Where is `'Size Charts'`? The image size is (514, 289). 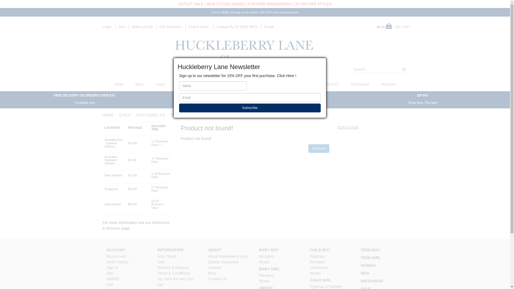
'Size Charts' is located at coordinates (167, 256).